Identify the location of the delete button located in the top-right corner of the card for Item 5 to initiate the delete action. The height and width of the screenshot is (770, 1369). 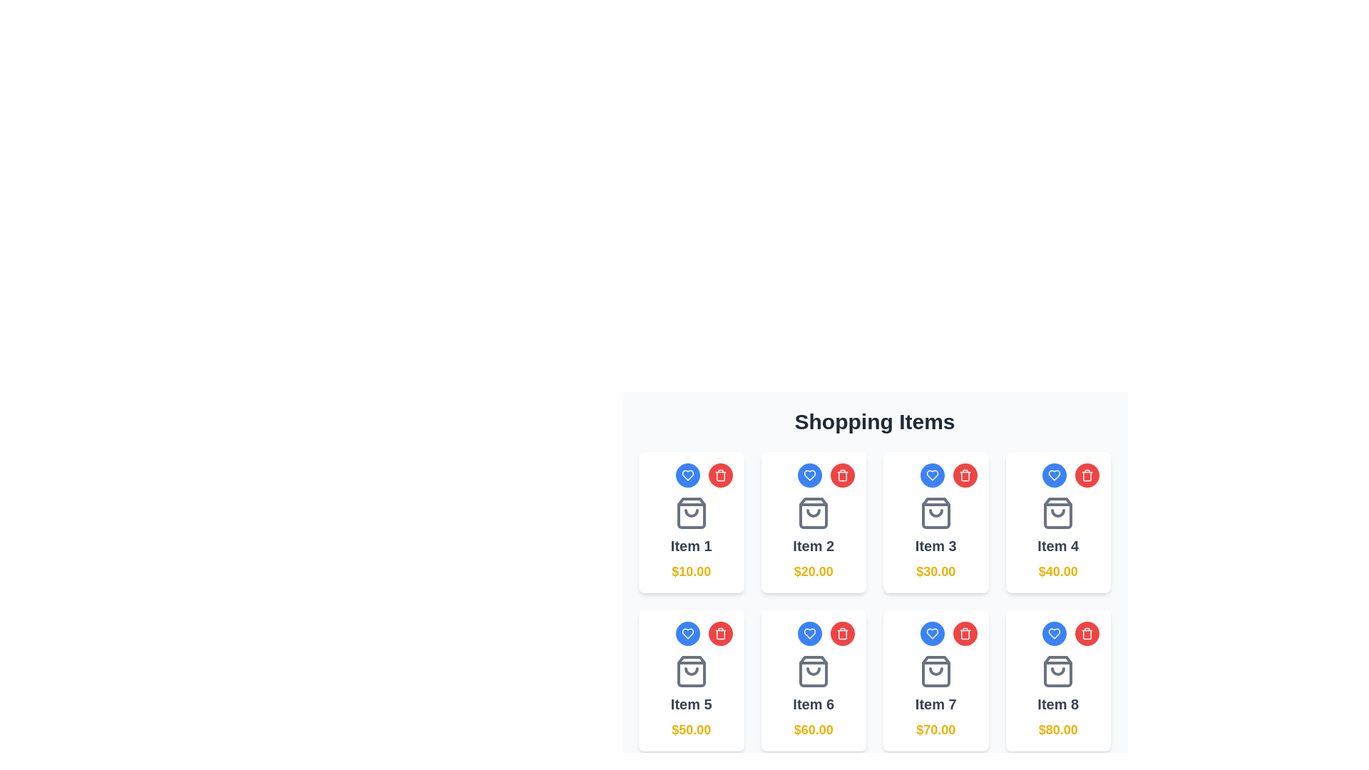
(720, 632).